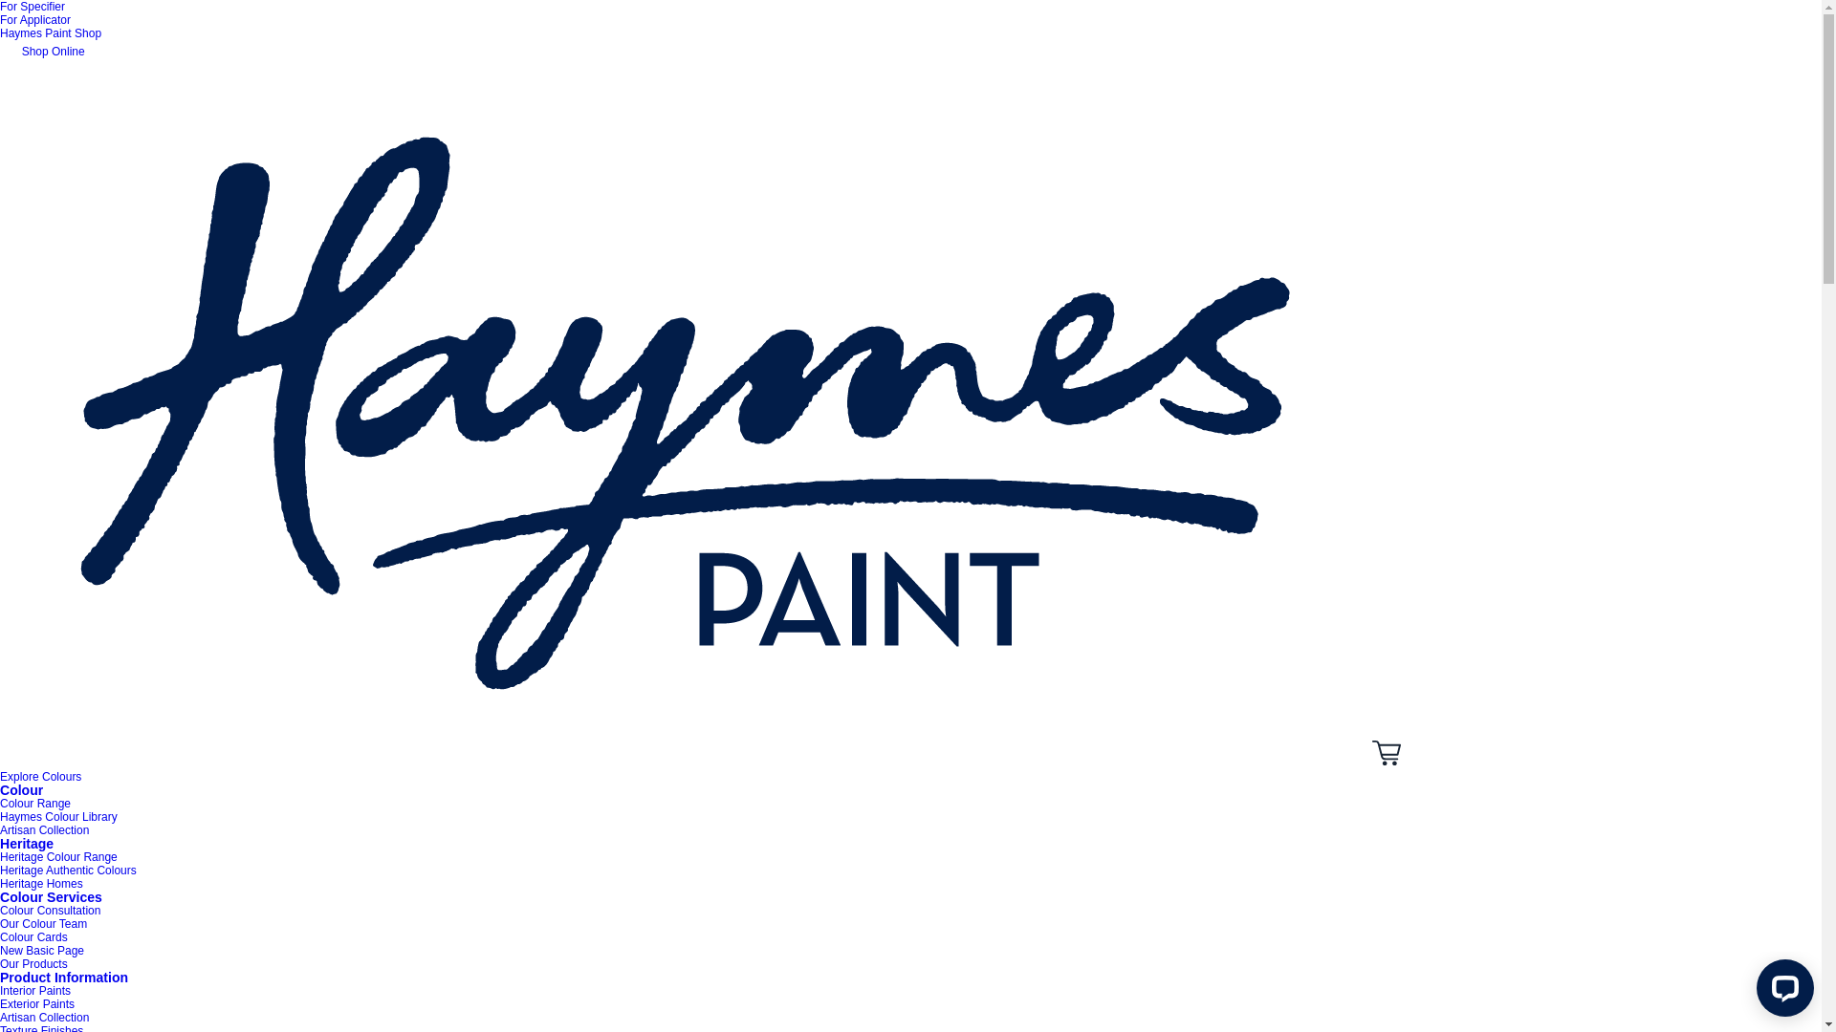 This screenshot has height=1032, width=1836. What do you see at coordinates (36, 1002) in the screenshot?
I see `'Exterior Paints'` at bounding box center [36, 1002].